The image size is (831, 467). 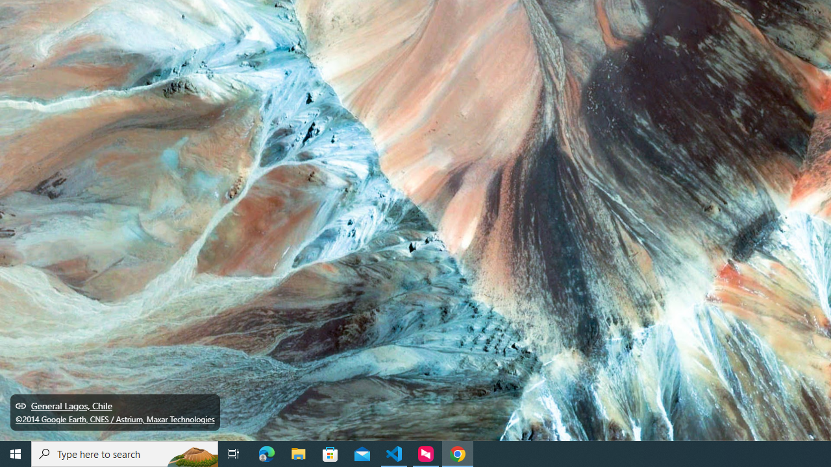 What do you see at coordinates (266, 453) in the screenshot?
I see `'Microsoft Edge'` at bounding box center [266, 453].